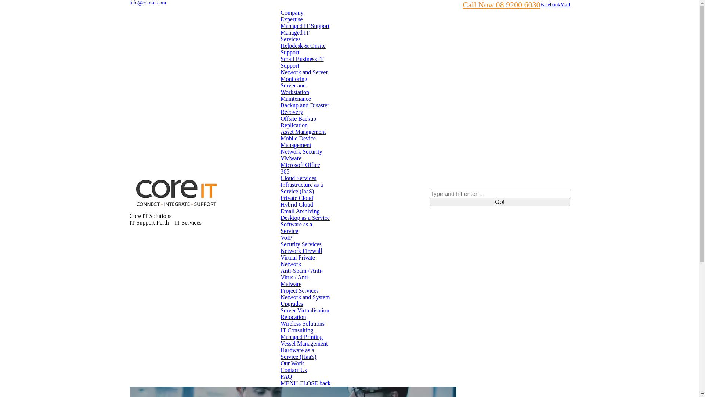 The width and height of the screenshot is (705, 397). Describe the element at coordinates (280, 168) in the screenshot. I see `'Microsoft Office 365'` at that location.